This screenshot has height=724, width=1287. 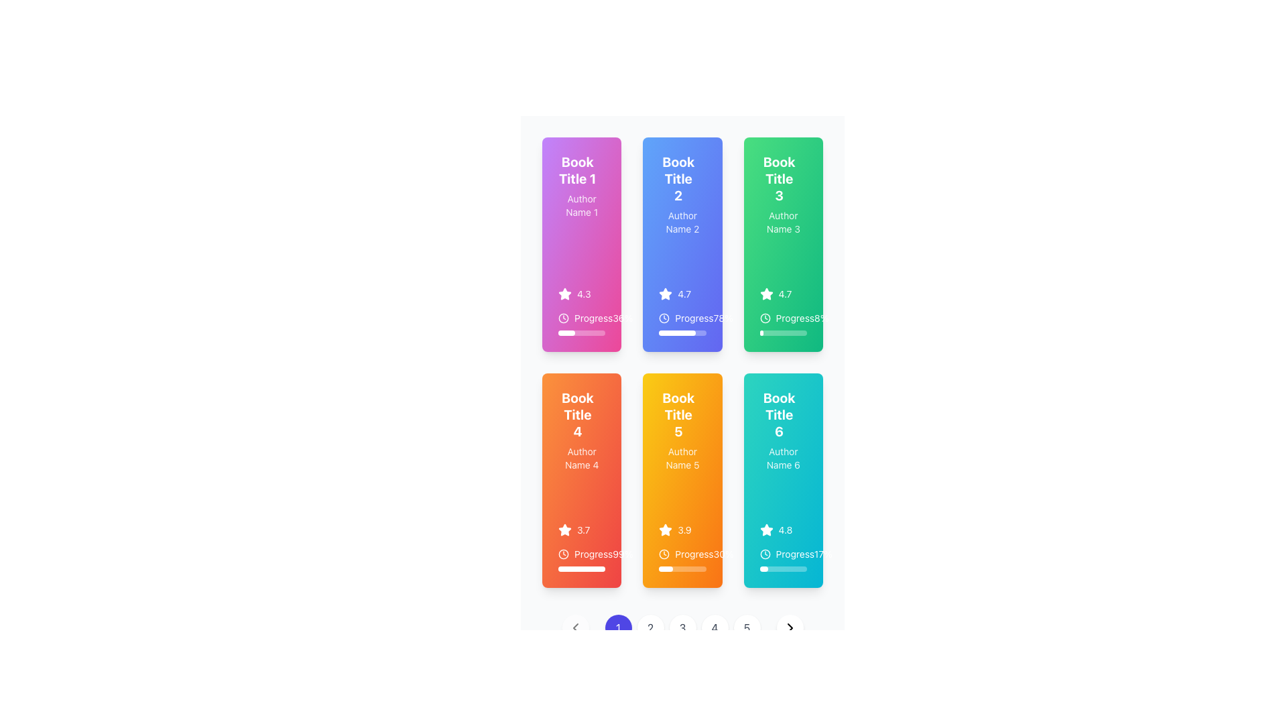 I want to click on the Informational card displaying 'Book Title 6', so click(x=783, y=480).